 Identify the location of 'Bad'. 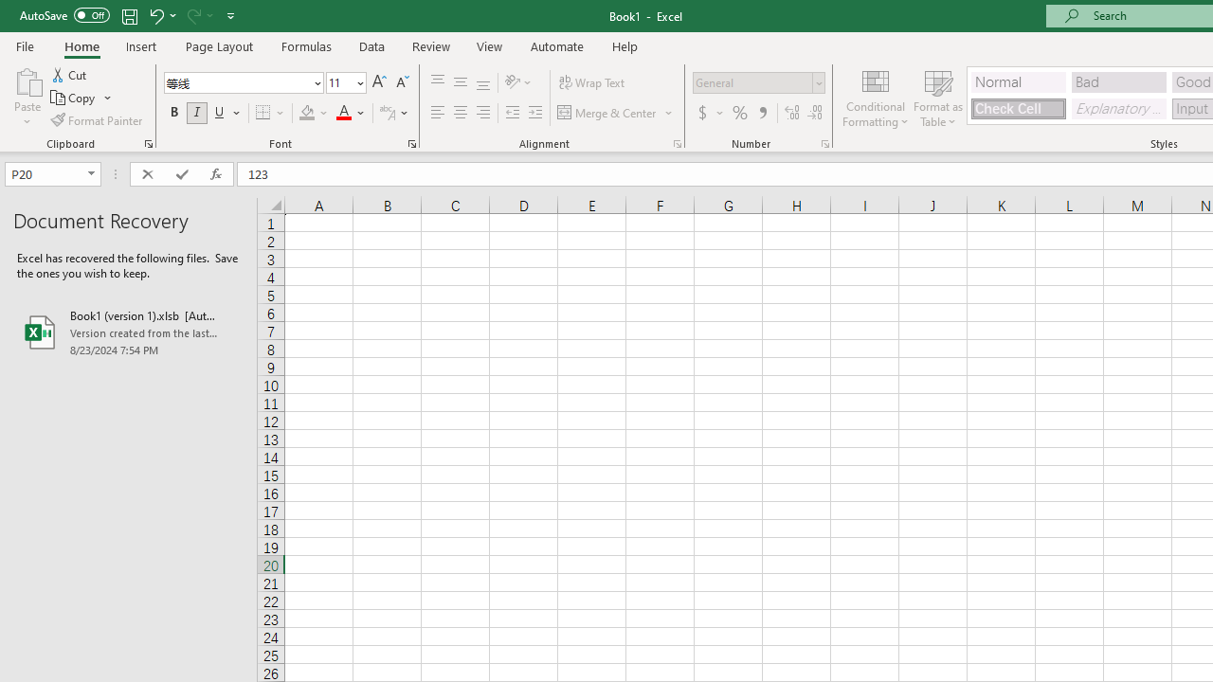
(1118, 81).